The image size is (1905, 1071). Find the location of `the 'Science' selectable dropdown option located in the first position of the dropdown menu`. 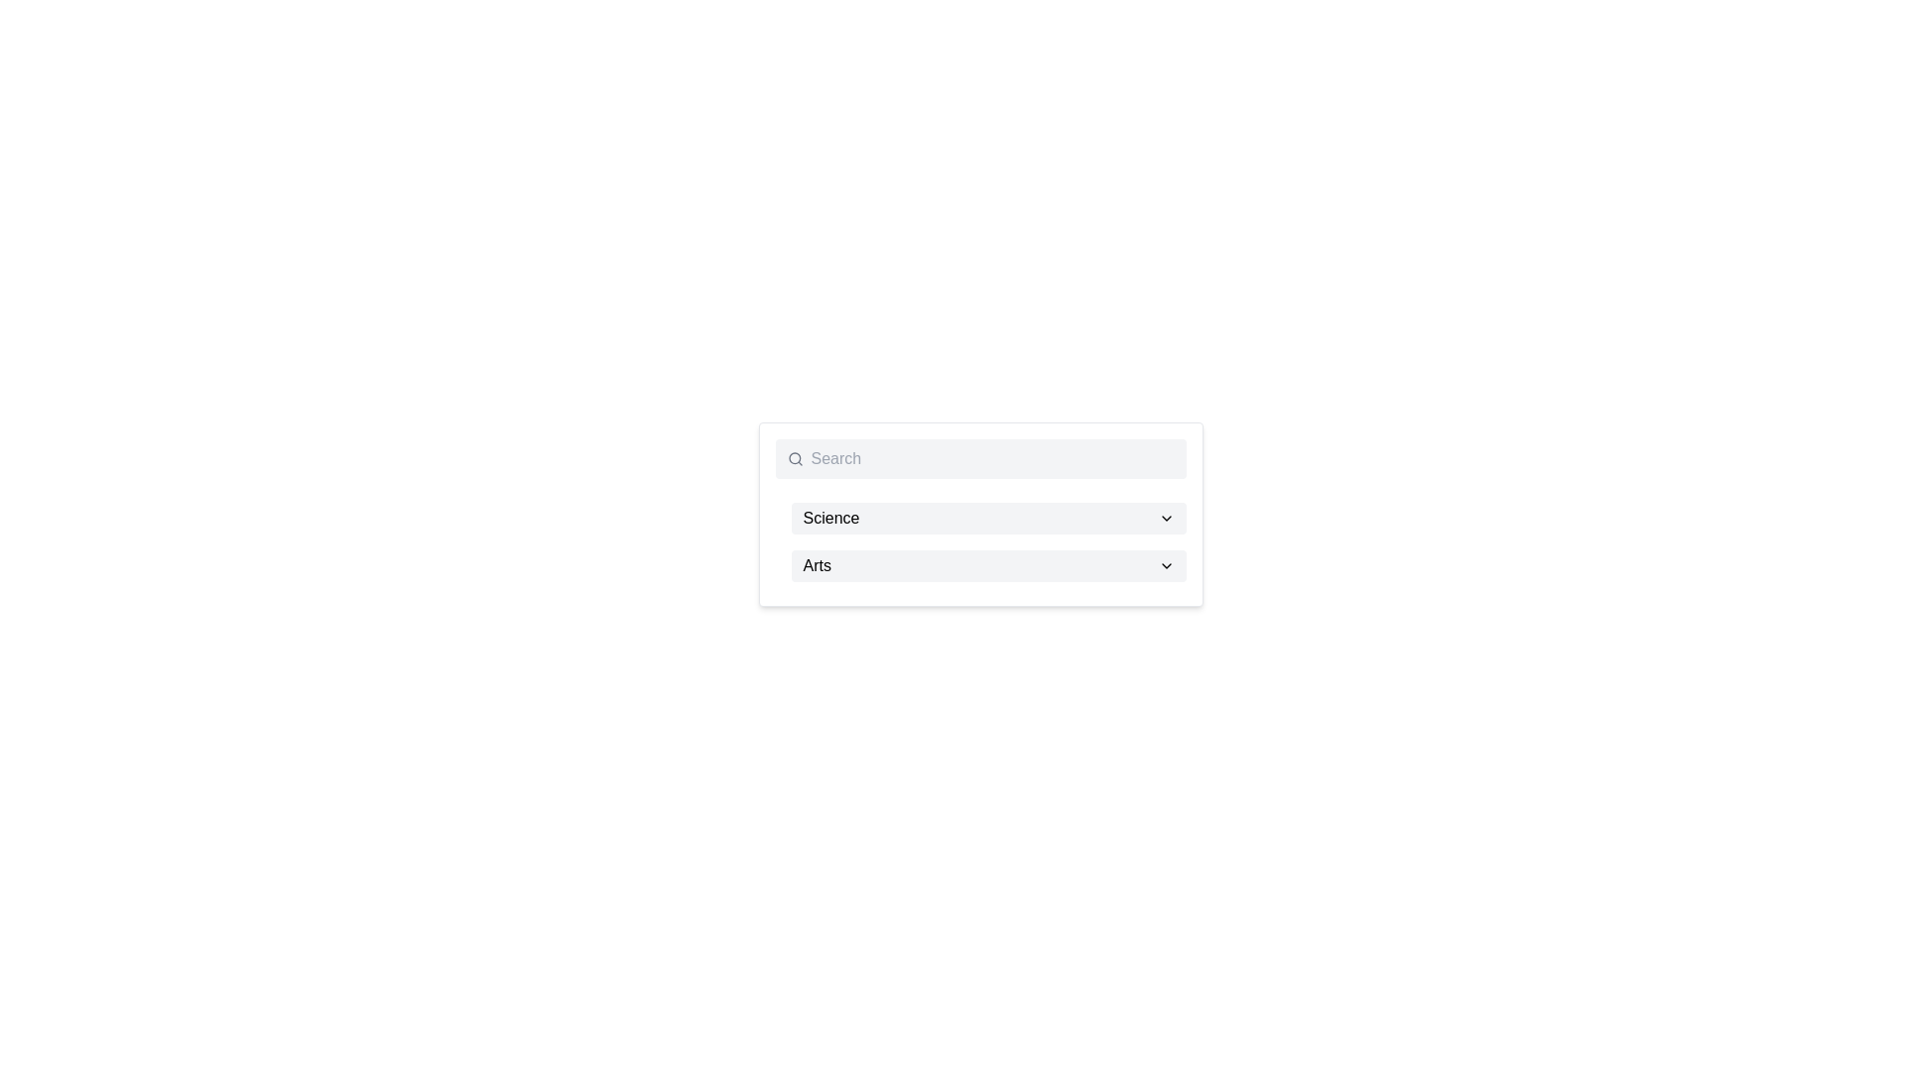

the 'Science' selectable dropdown option located in the first position of the dropdown menu is located at coordinates (988, 518).